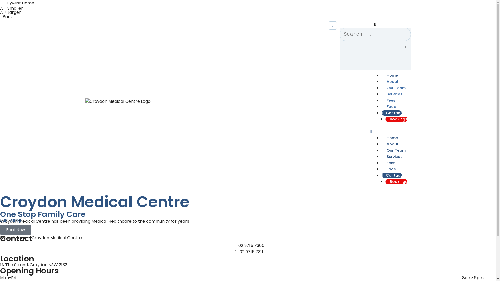 This screenshot has width=500, height=281. What do you see at coordinates (394, 157) in the screenshot?
I see `'Services'` at bounding box center [394, 157].